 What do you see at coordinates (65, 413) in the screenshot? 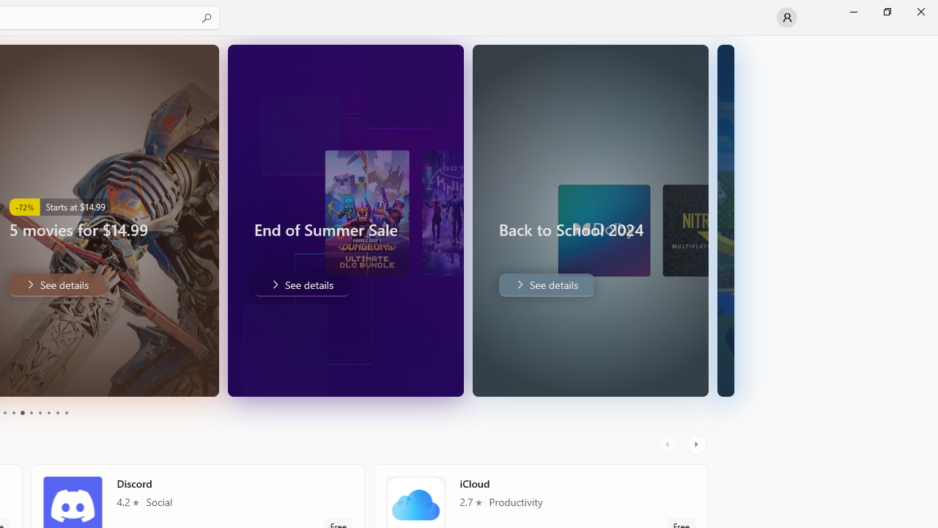
I see `'Page 10'` at bounding box center [65, 413].